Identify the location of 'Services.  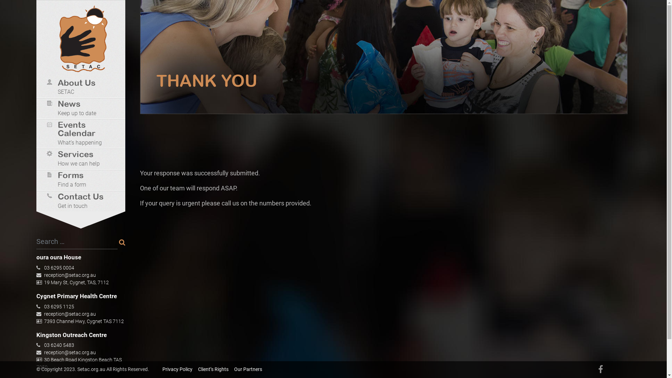
(45, 159).